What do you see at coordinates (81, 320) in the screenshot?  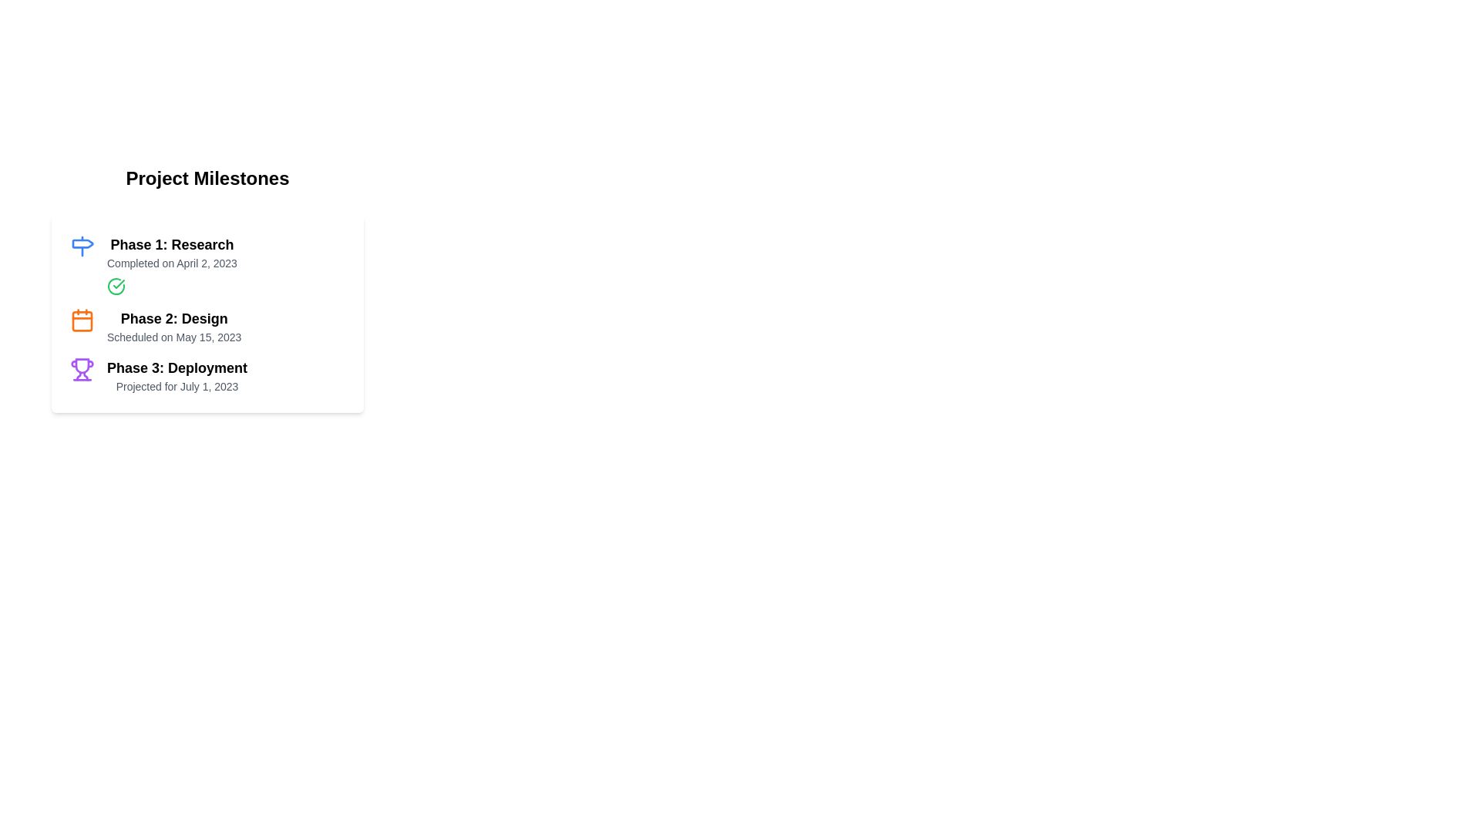 I see `the bold orange calendar icon with rounded corners located to the left of the text 'Phase 2: Design Scheduled on May 15, 2023'` at bounding box center [81, 320].